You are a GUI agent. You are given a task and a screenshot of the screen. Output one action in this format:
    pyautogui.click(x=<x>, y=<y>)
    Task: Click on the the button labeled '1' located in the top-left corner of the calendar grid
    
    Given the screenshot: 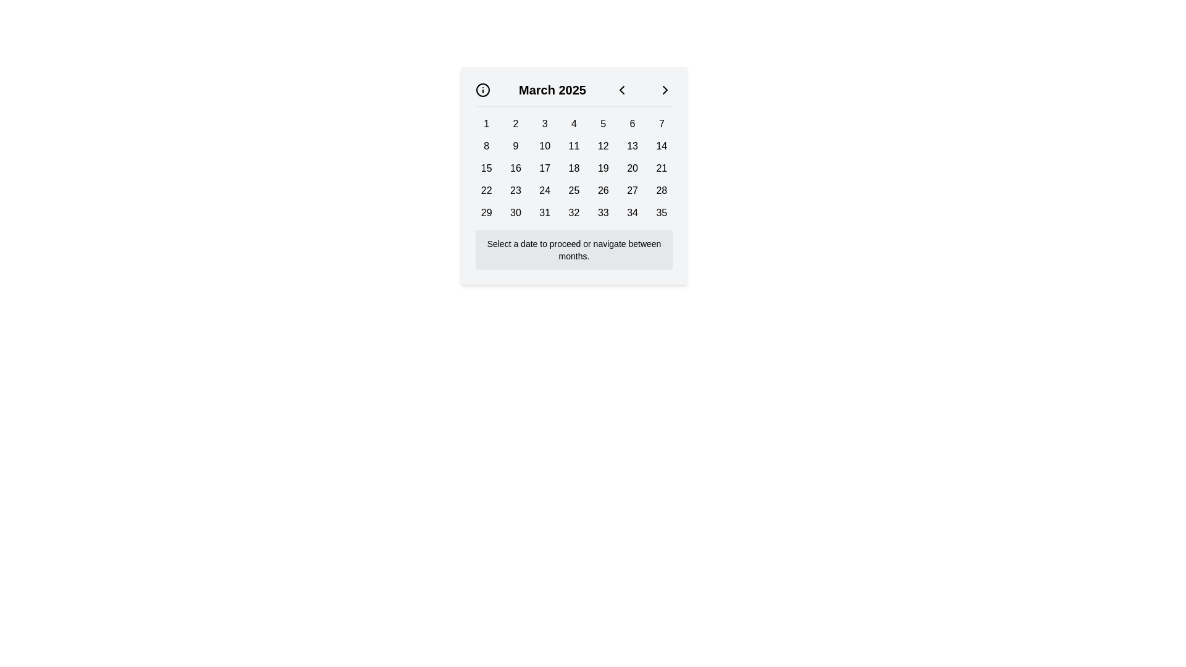 What is the action you would take?
    pyautogui.click(x=486, y=124)
    